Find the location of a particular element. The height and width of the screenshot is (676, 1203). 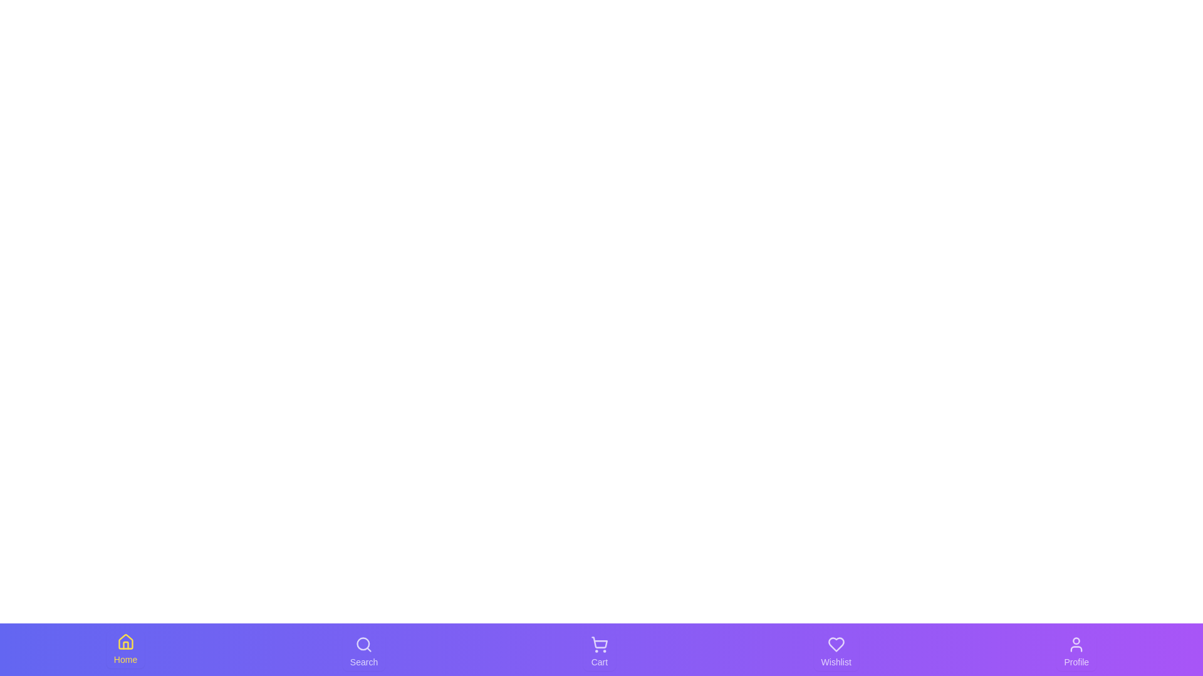

the tab corresponding to Search to switch to that section is located at coordinates (363, 651).